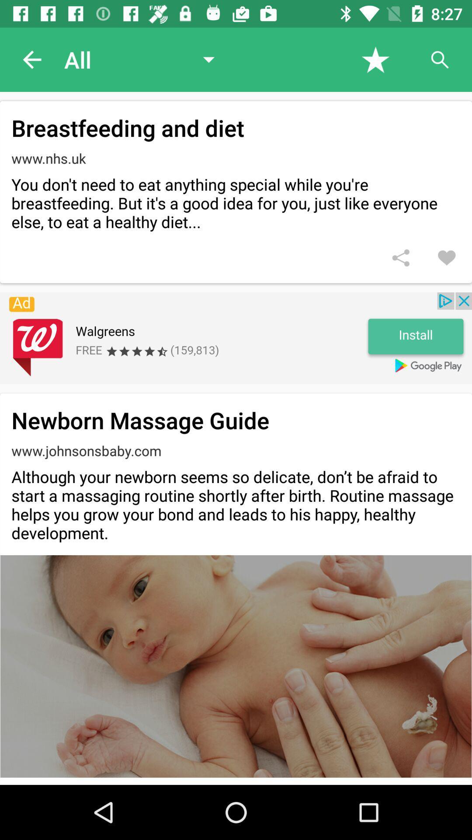 This screenshot has width=472, height=840. What do you see at coordinates (447, 257) in the screenshot?
I see `to favorites` at bounding box center [447, 257].